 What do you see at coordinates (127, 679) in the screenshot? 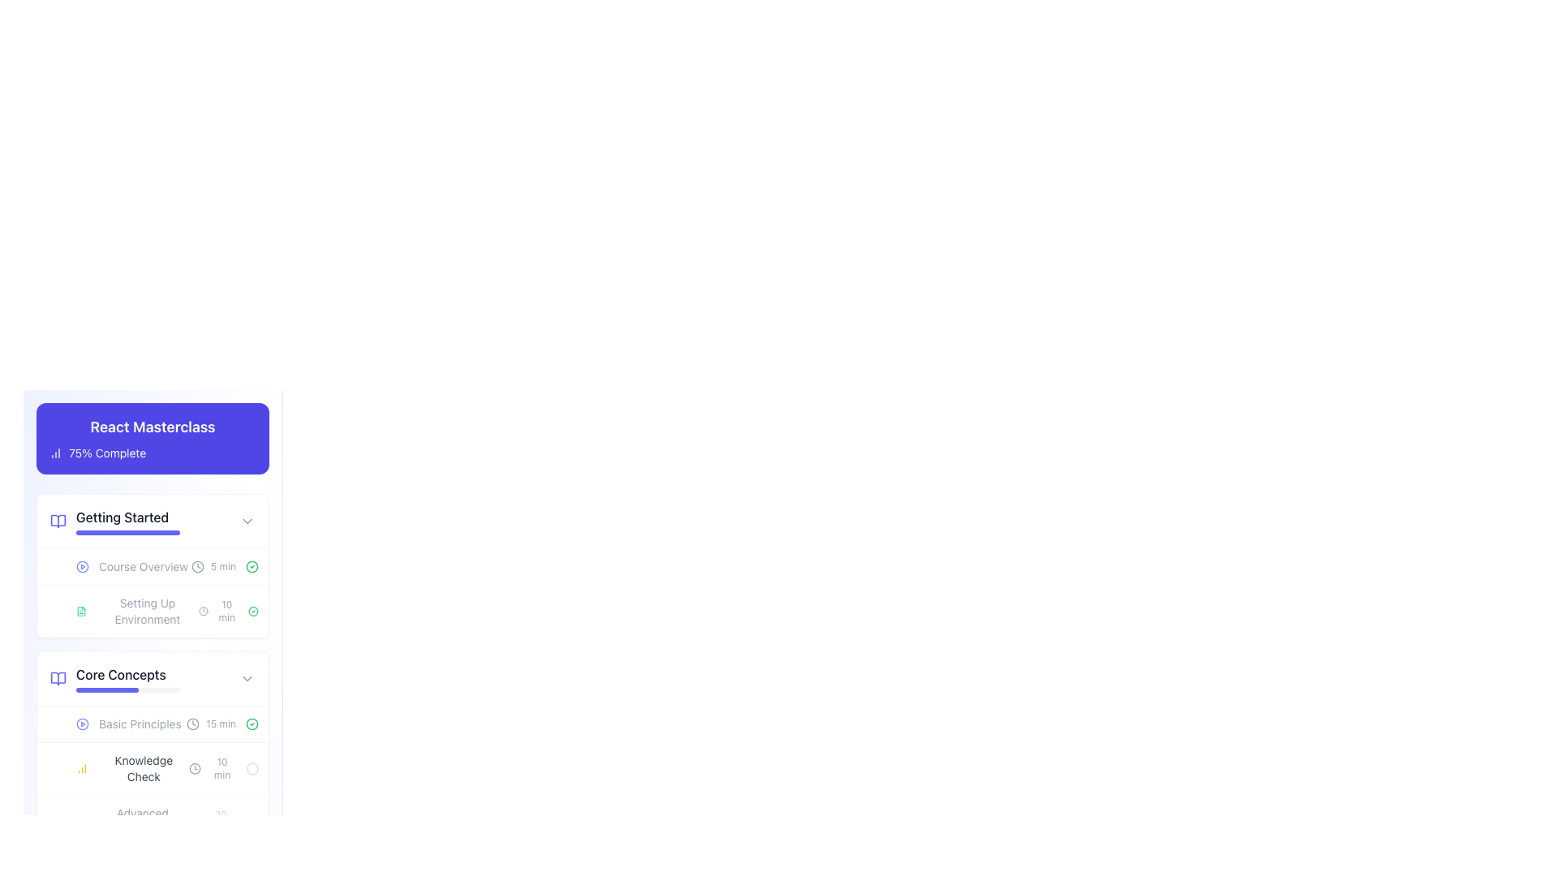
I see `the Text Label that serves as the title for the course module section under 'Core Concepts' in the 'React Masterclass', located just above a horizontal progress bar and aligned with a book icon` at bounding box center [127, 679].